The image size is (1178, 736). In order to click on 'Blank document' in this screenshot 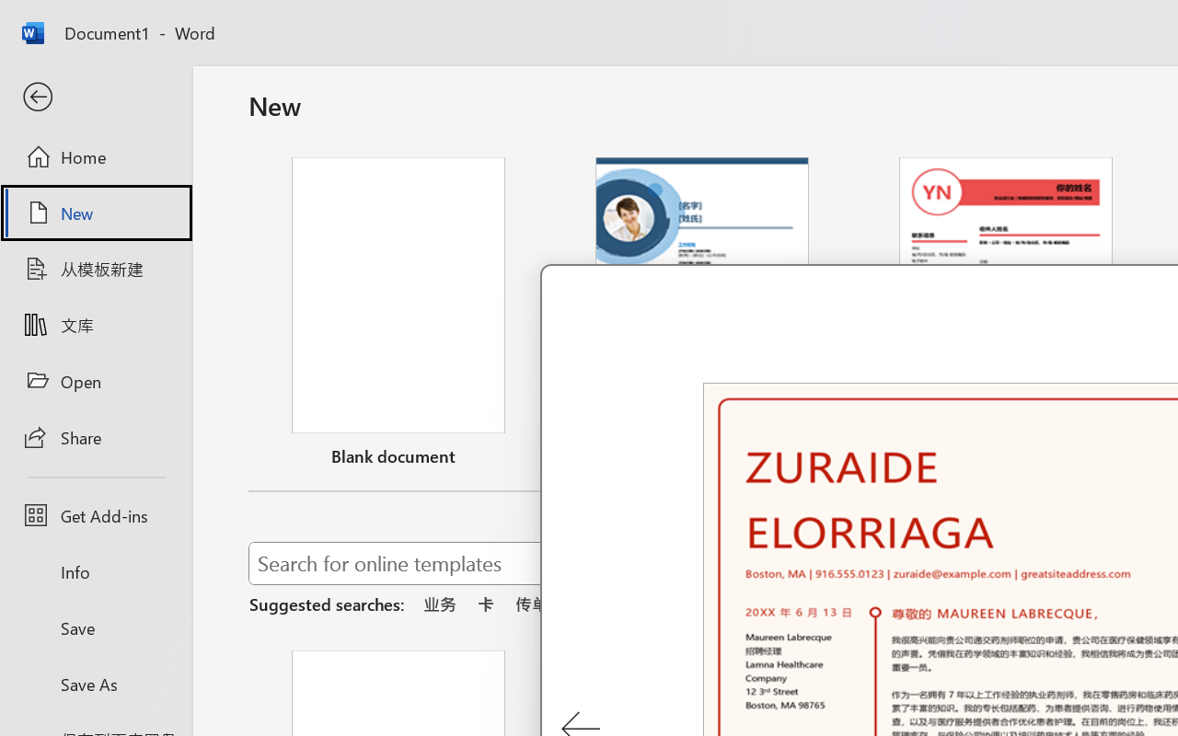, I will do `click(398, 316)`.